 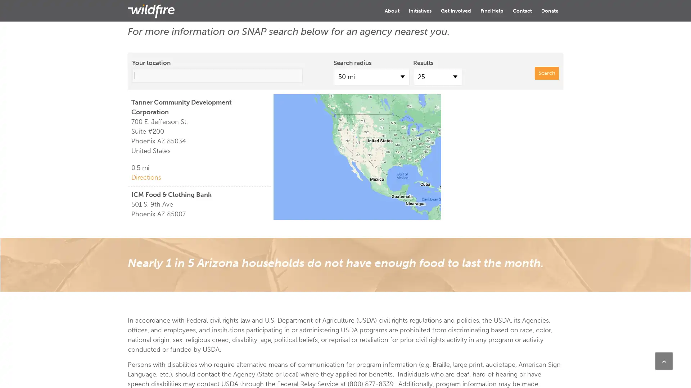 What do you see at coordinates (421, 170) in the screenshot?
I see `Rio Vista Center` at bounding box center [421, 170].